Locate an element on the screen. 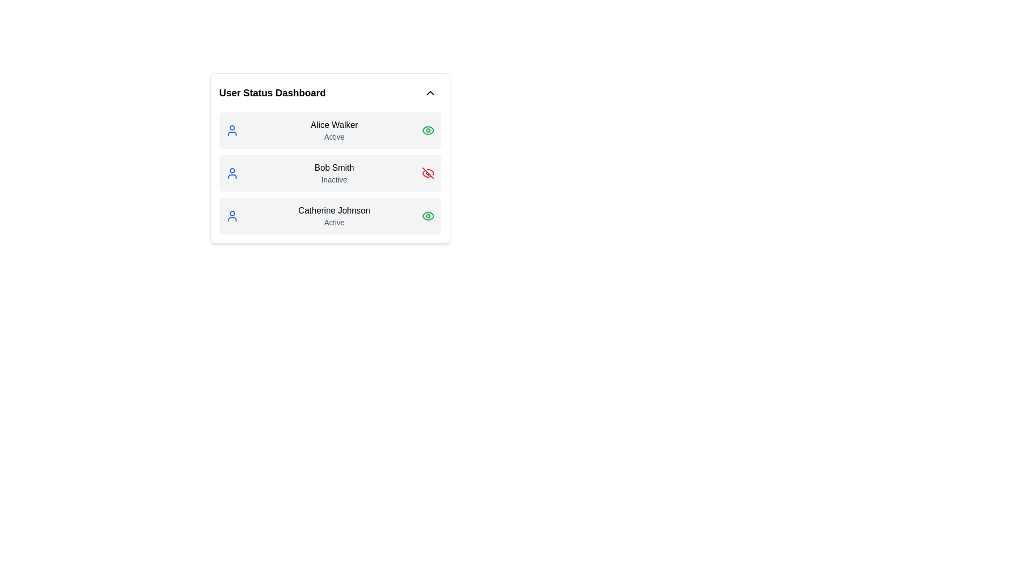 The height and width of the screenshot is (578, 1028). the text label displaying 'Bob Smith' in the 'User Status Dashboard' to identify the user is located at coordinates (334, 168).